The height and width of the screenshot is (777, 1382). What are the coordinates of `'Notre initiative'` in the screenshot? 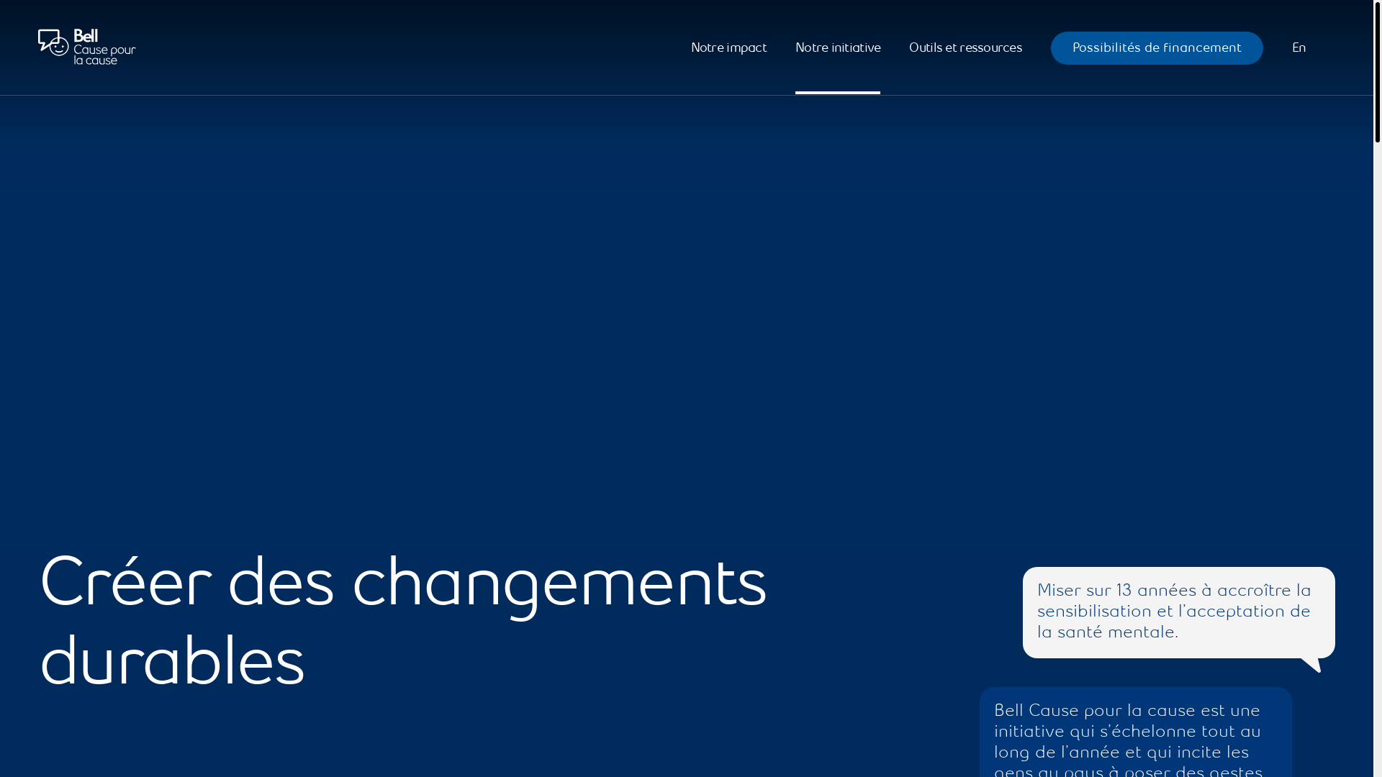 It's located at (794, 47).